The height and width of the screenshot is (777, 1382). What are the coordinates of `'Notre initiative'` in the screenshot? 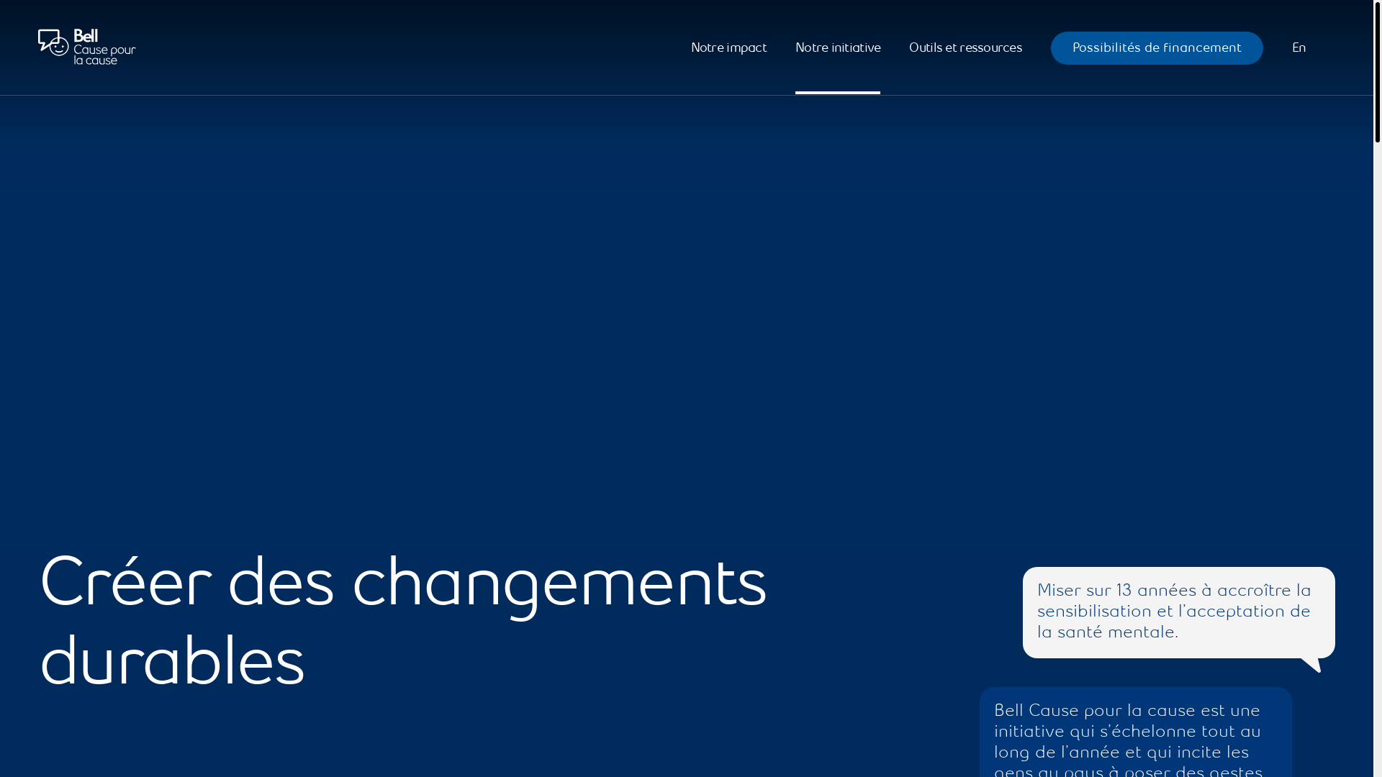 It's located at (794, 47).